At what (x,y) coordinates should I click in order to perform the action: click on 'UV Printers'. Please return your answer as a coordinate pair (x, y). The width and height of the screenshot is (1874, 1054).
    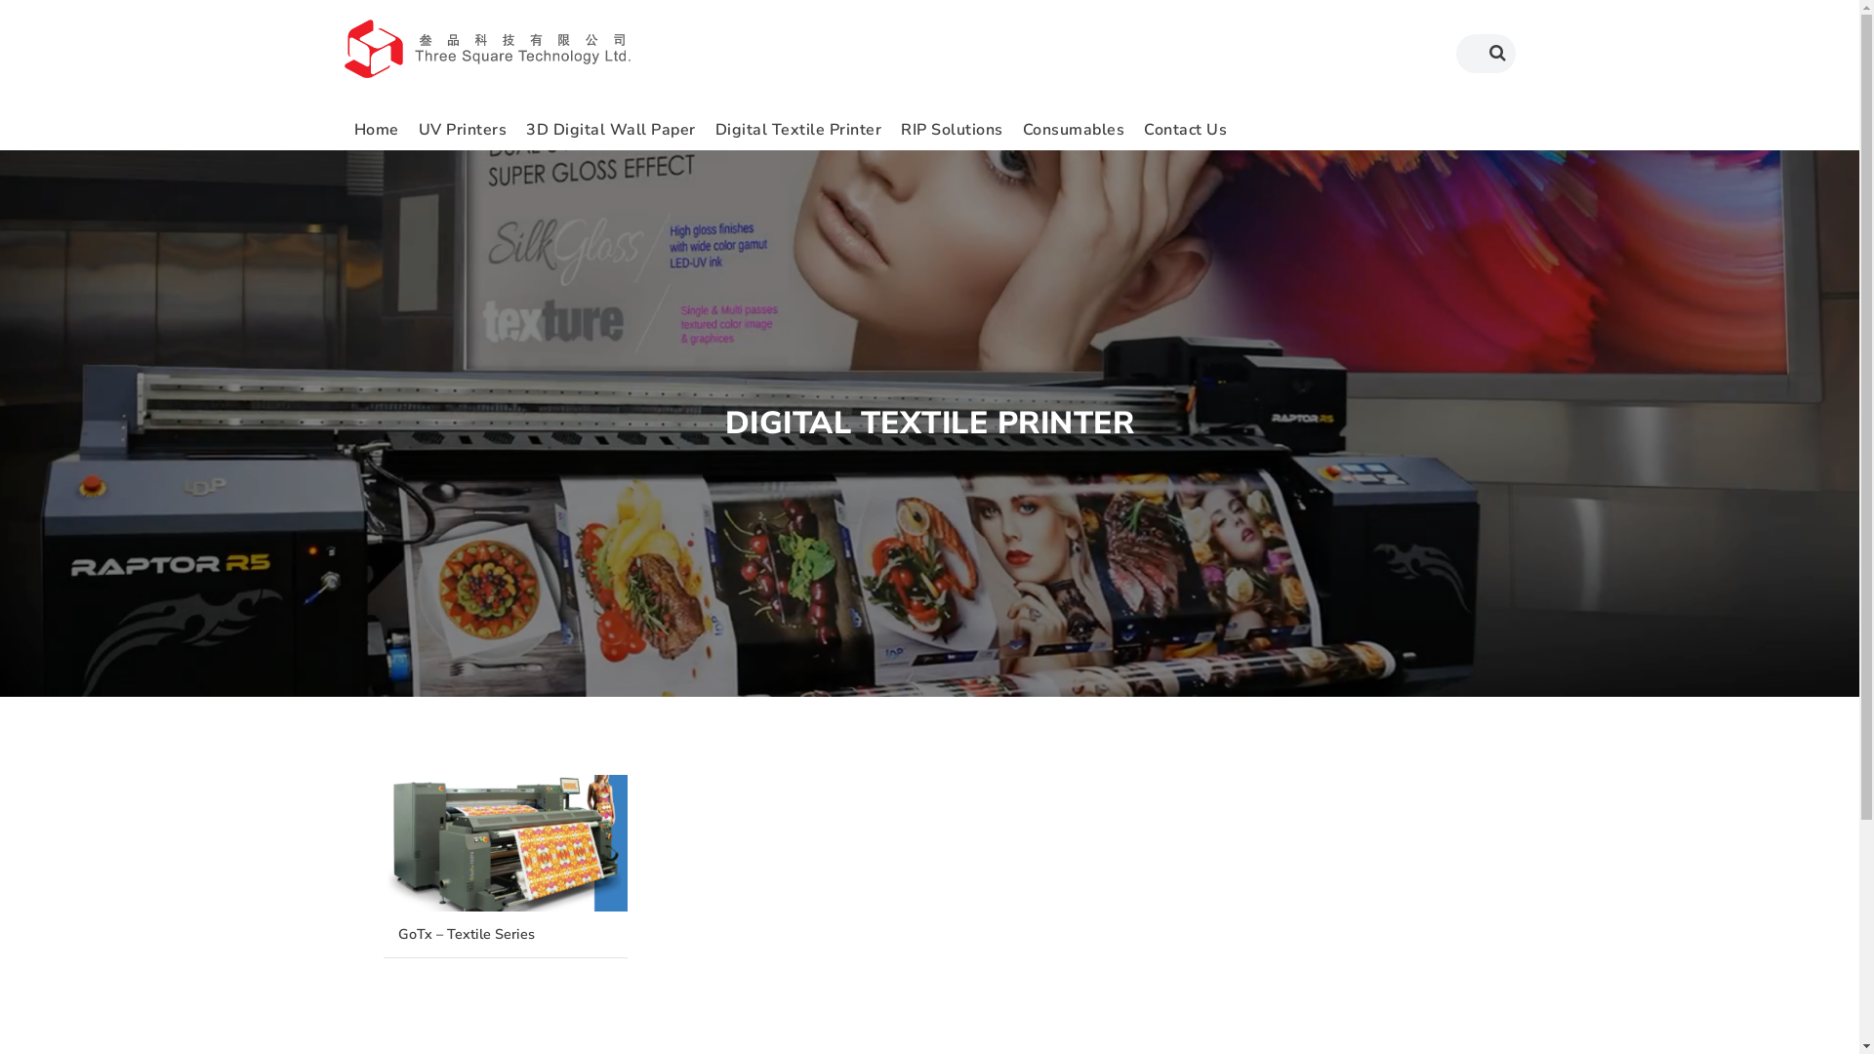
    Looking at the image, I should click on (461, 129).